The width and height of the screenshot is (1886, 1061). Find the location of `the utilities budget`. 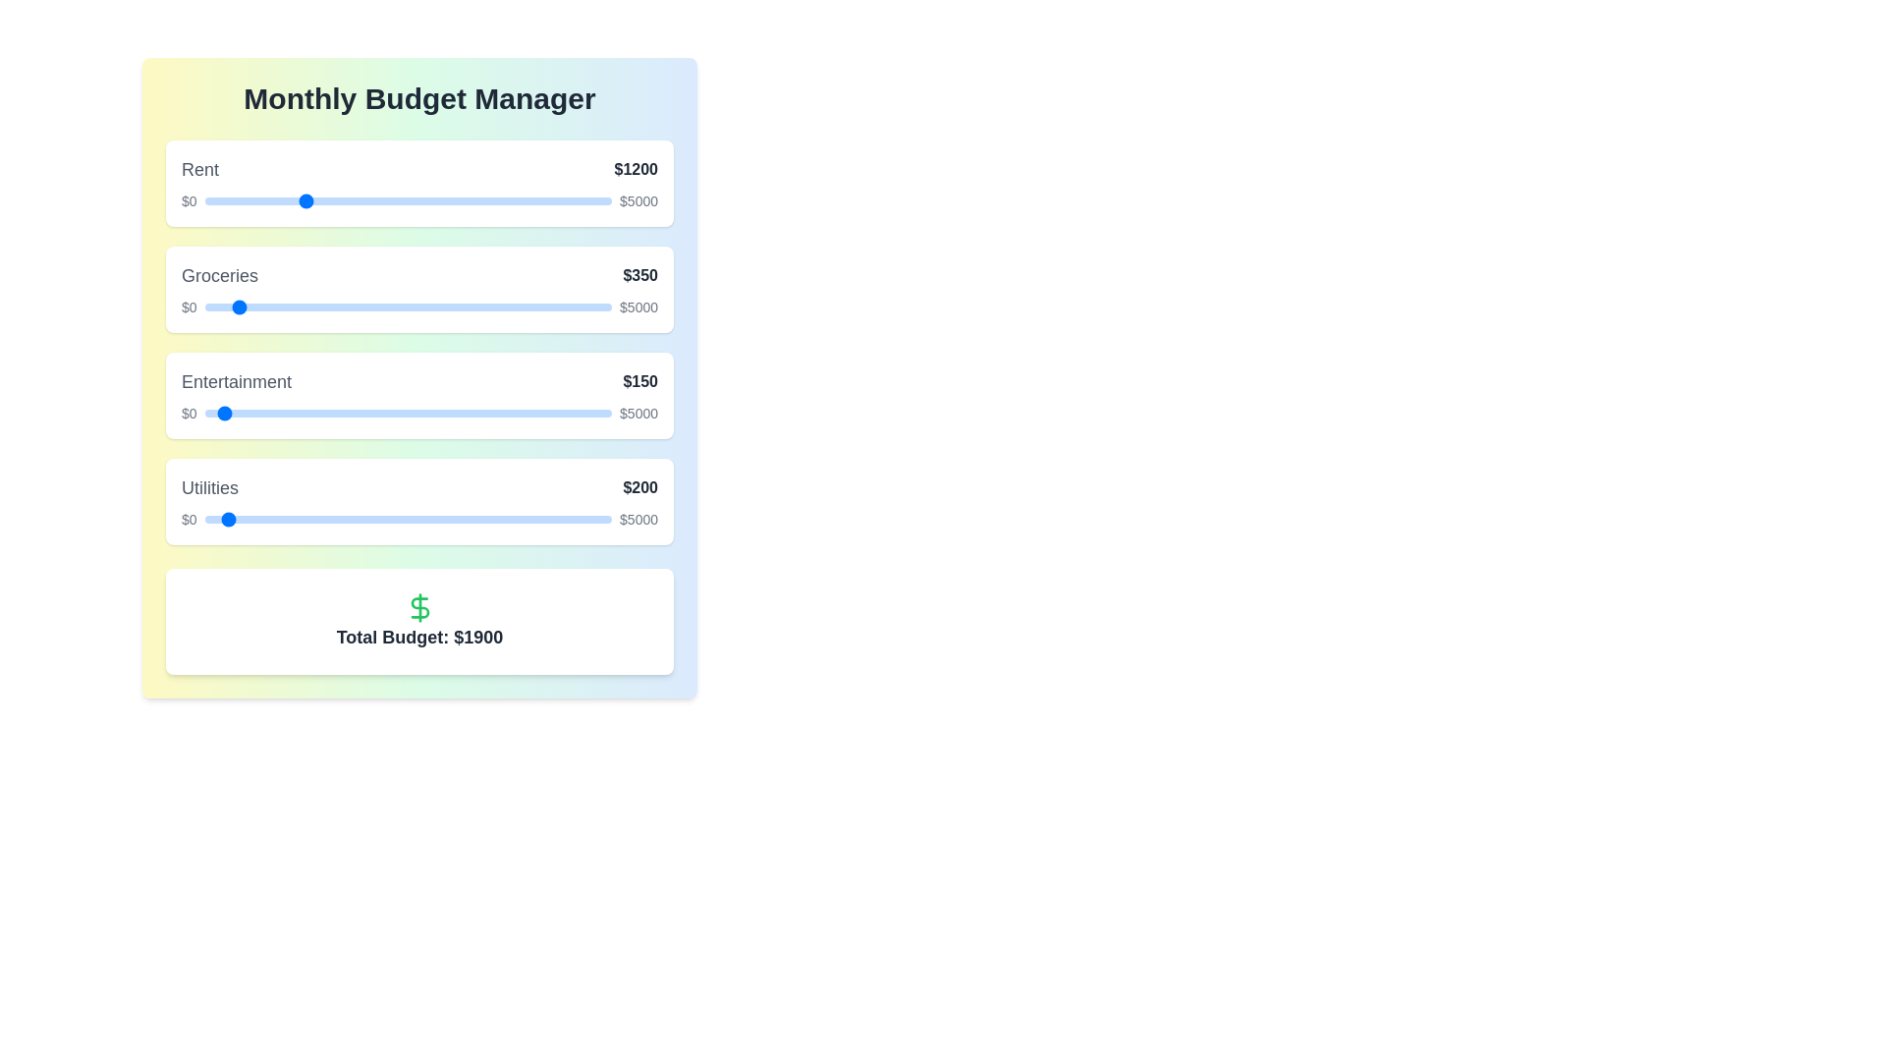

the utilities budget is located at coordinates (592, 518).